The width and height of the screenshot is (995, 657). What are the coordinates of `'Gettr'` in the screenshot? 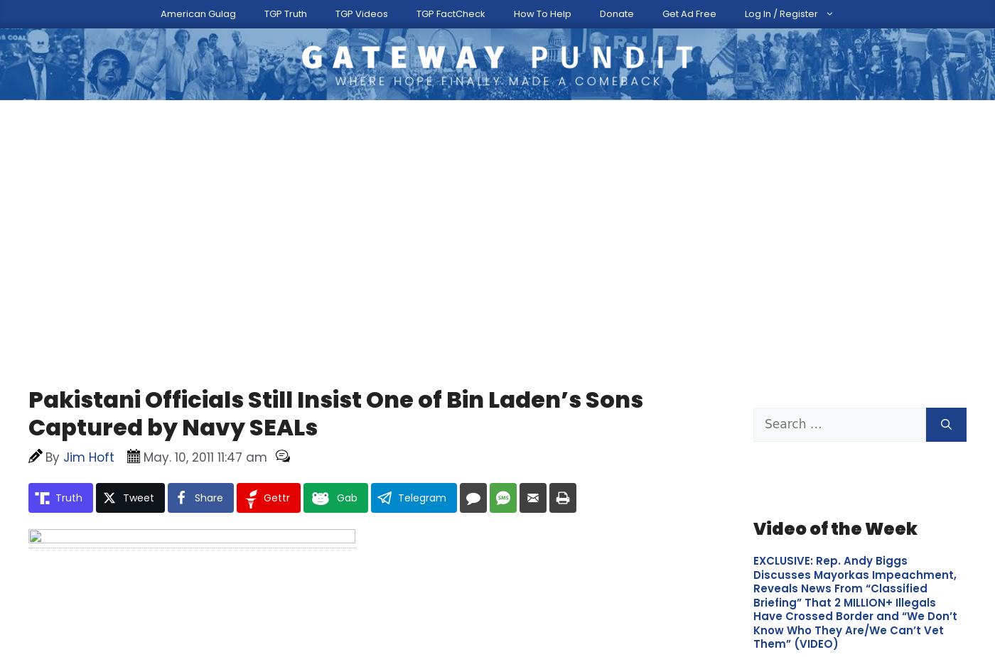 It's located at (276, 418).